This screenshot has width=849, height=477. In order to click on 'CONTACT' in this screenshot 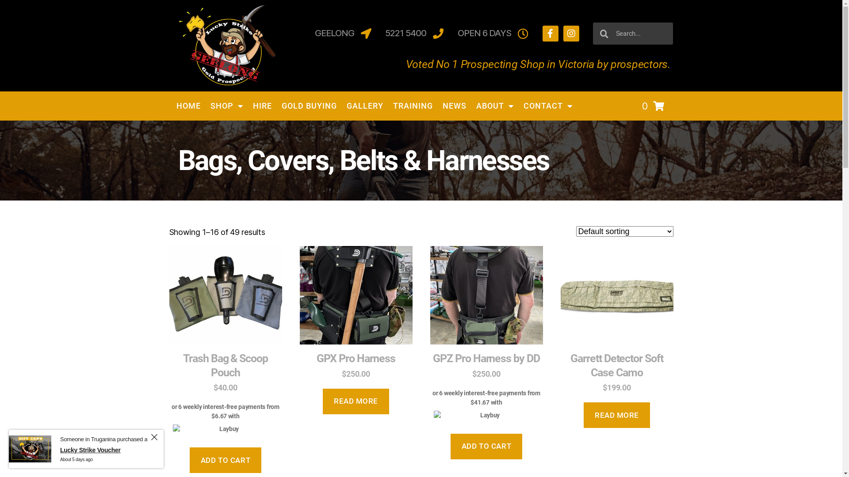, I will do `click(518, 105)`.